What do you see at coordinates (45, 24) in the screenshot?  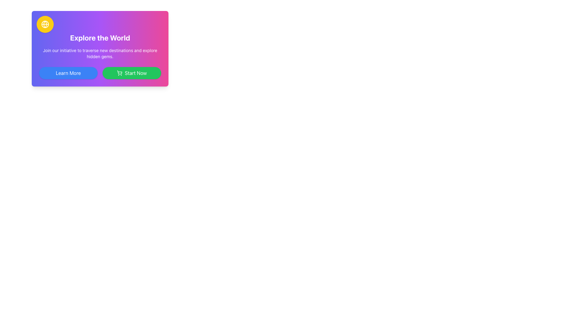 I see `the SVG Circle icon resembling a globe, which is centered in a yellow circle located in the upper left of a rectangular card component` at bounding box center [45, 24].